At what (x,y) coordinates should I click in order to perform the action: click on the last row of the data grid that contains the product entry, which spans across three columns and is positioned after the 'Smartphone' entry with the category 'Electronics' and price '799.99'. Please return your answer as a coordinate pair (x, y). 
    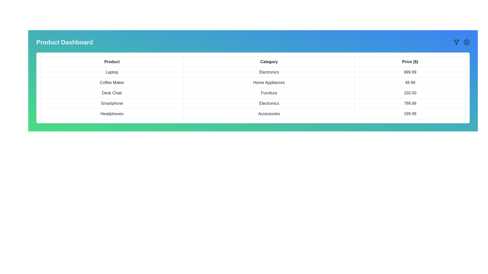
    Looking at the image, I should click on (253, 113).